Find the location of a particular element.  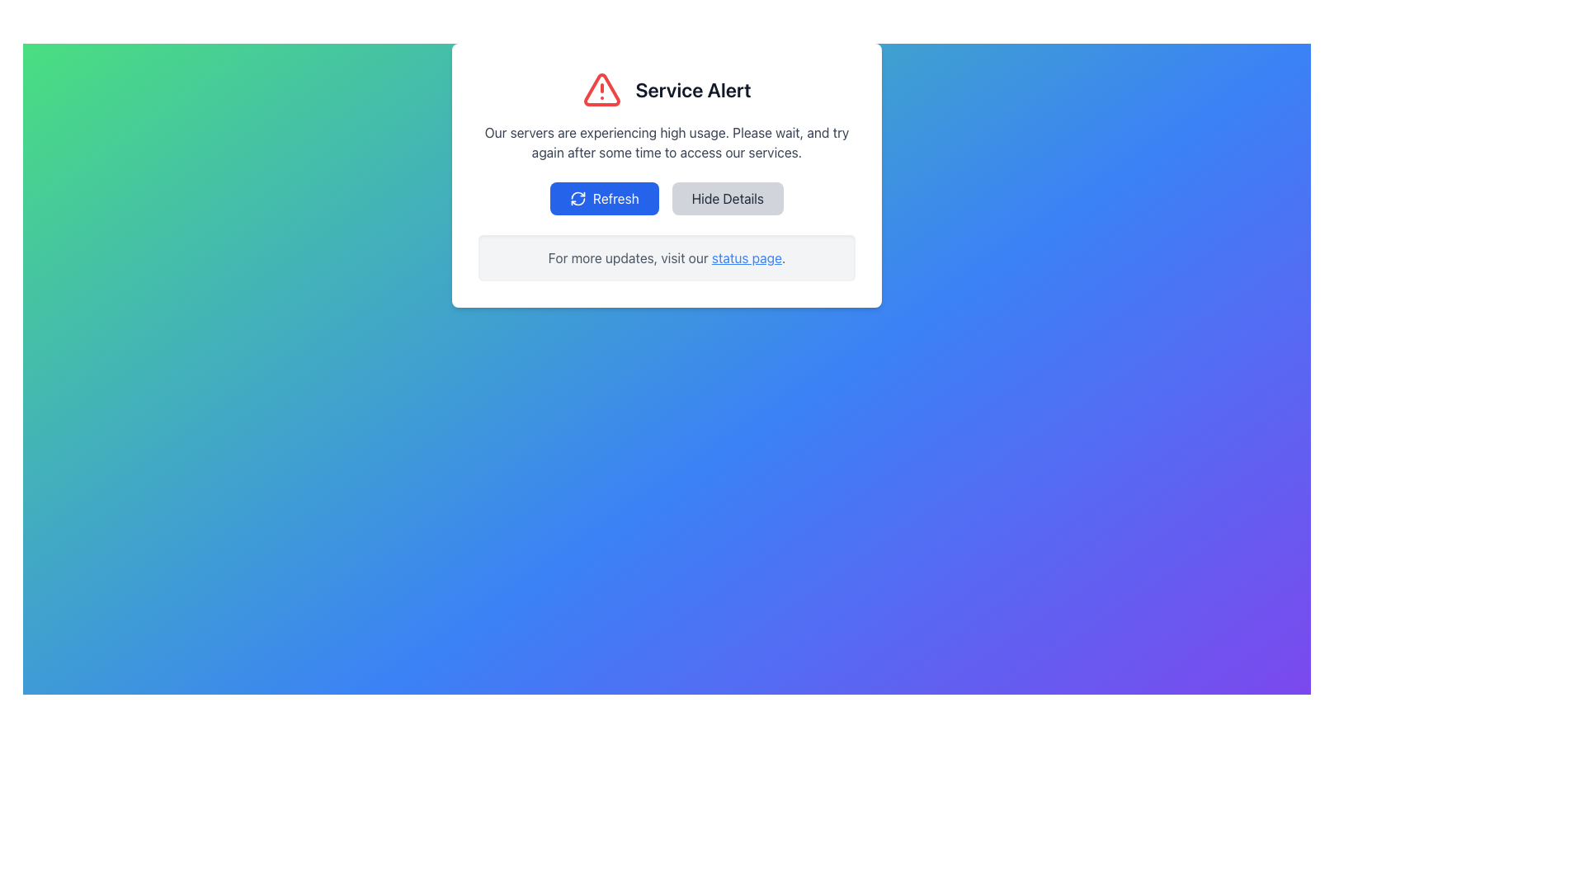

the Text Label that serves as a header or alert title, positioned next to a red warning triangle icon, to convey an important notice or alert is located at coordinates (693, 89).